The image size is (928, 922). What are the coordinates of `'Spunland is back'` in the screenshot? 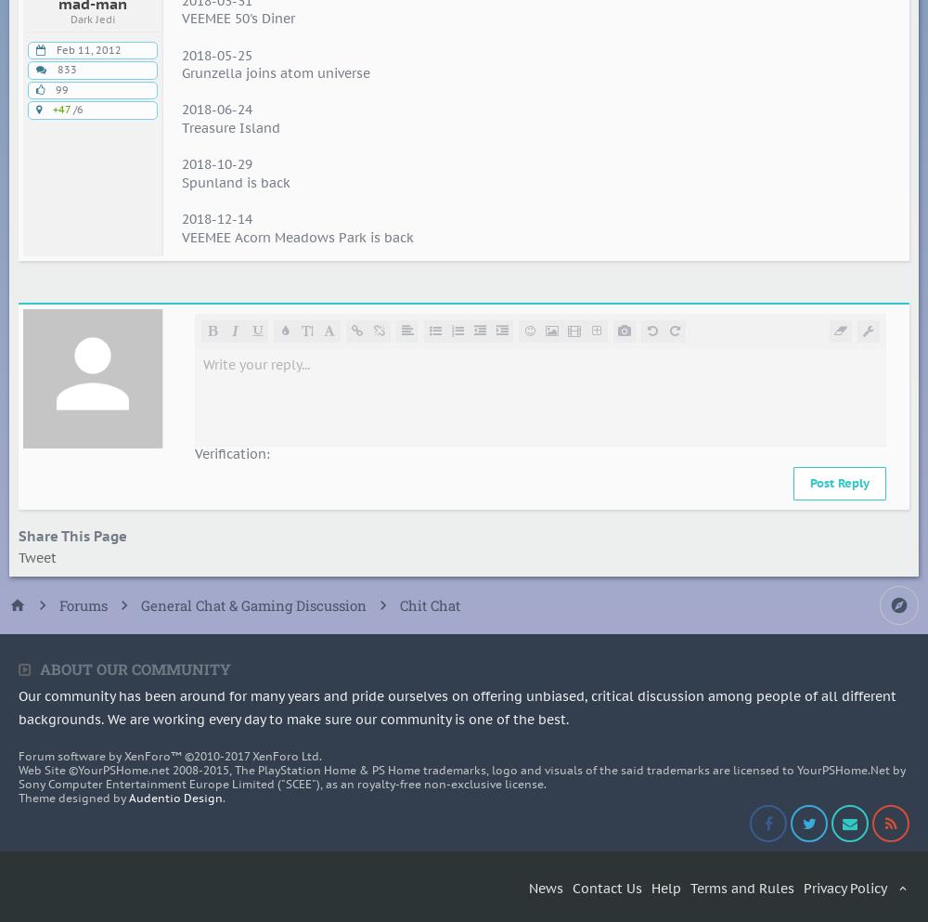 It's located at (181, 182).